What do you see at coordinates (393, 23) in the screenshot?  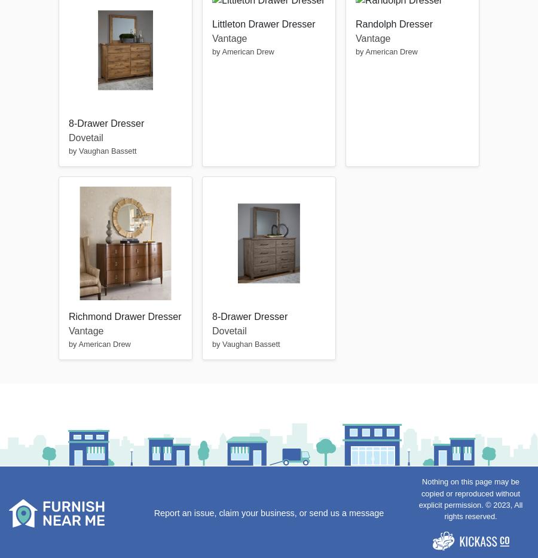 I see `'Randolph Dresser'` at bounding box center [393, 23].